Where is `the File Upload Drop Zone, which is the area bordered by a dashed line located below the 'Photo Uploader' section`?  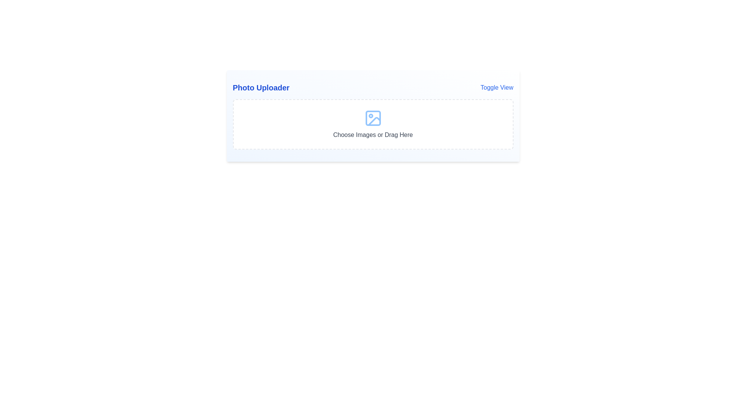
the File Upload Drop Zone, which is the area bordered by a dashed line located below the 'Photo Uploader' section is located at coordinates (373, 124).